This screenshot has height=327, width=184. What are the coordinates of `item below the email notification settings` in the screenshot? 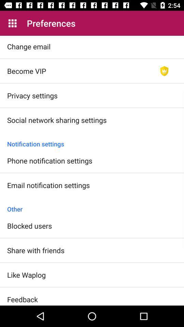 It's located at (92, 205).